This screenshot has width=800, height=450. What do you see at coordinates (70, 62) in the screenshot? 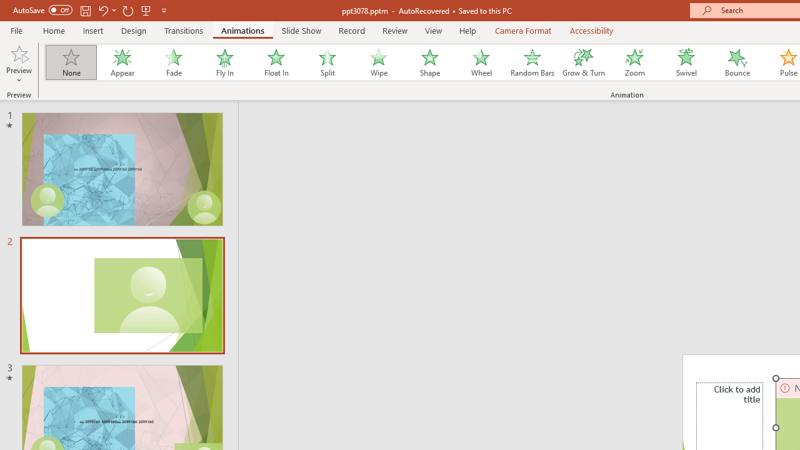
I see `'None'` at bounding box center [70, 62].